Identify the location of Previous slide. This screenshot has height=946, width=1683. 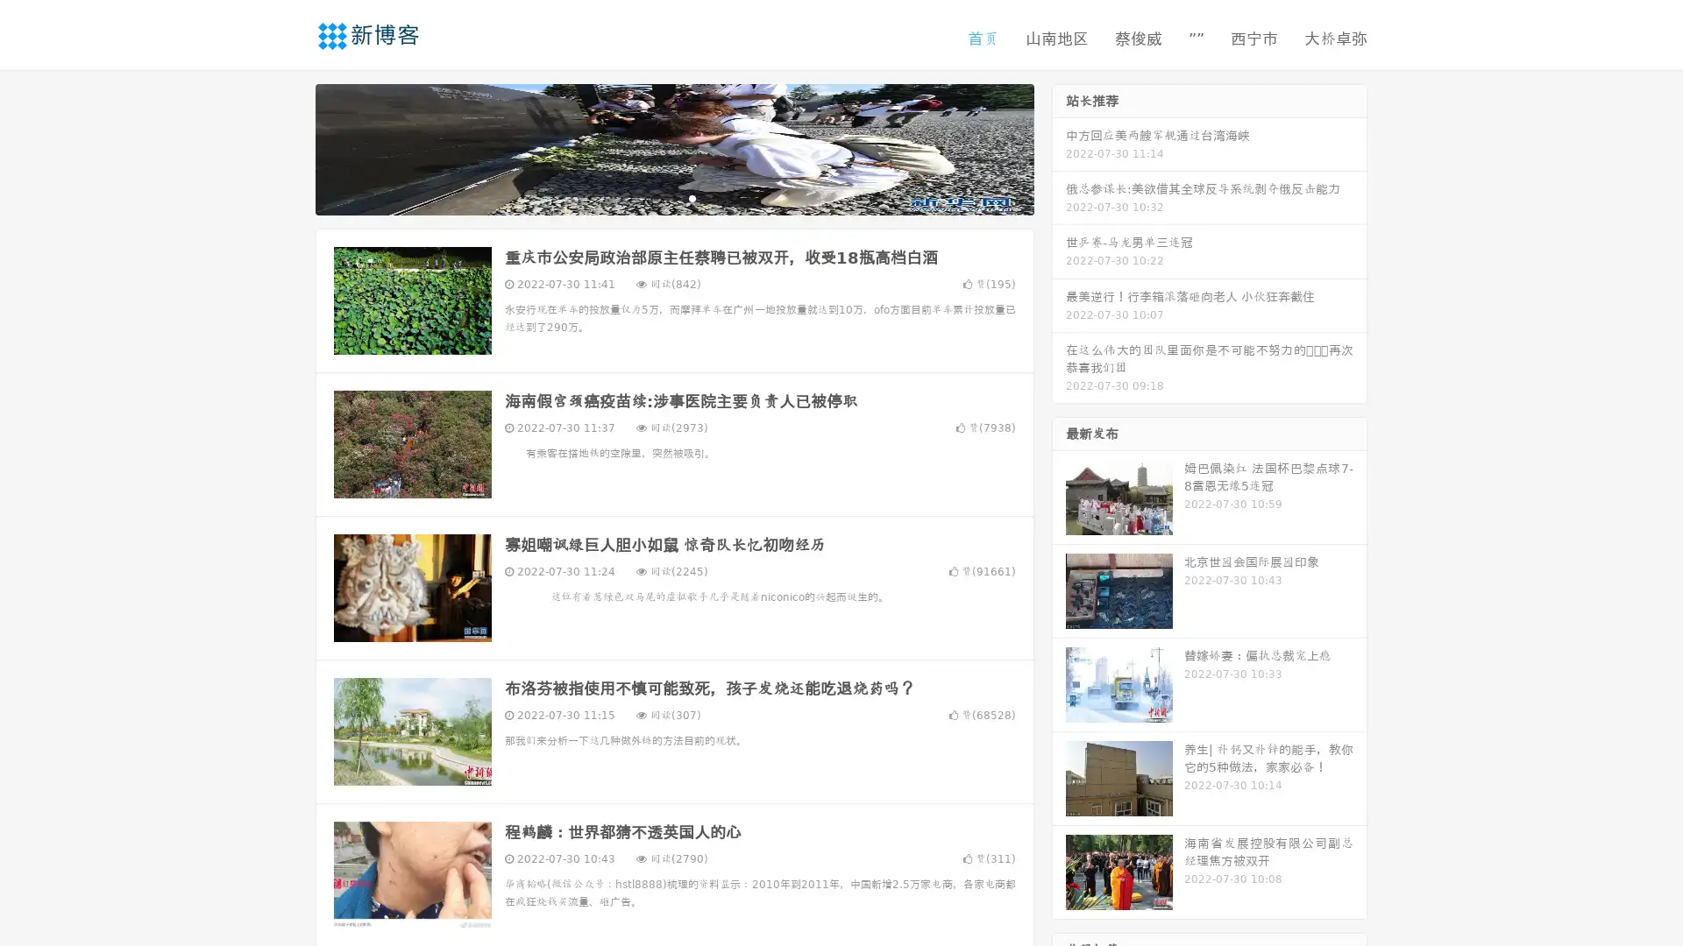
(289, 147).